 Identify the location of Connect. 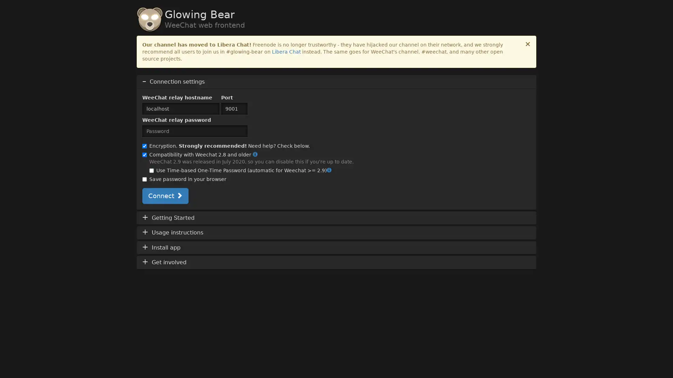
(165, 196).